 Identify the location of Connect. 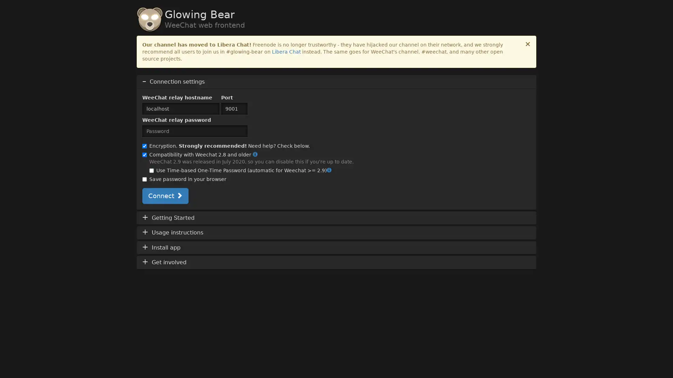
(165, 196).